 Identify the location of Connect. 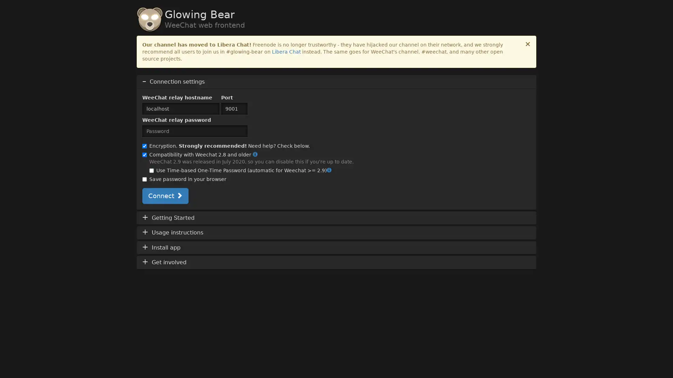
(165, 196).